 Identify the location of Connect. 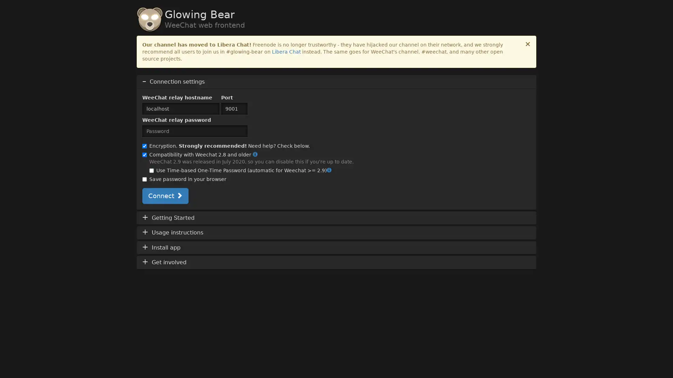
(165, 196).